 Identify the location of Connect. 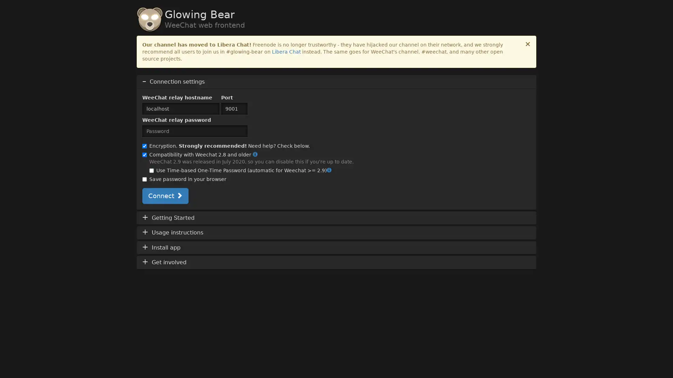
(165, 196).